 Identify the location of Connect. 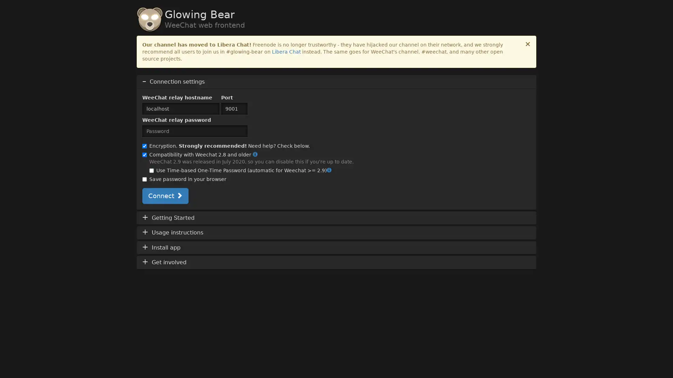
(165, 196).